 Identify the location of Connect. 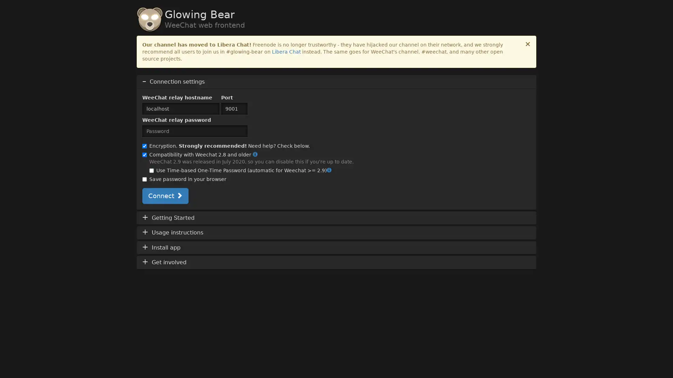
(165, 196).